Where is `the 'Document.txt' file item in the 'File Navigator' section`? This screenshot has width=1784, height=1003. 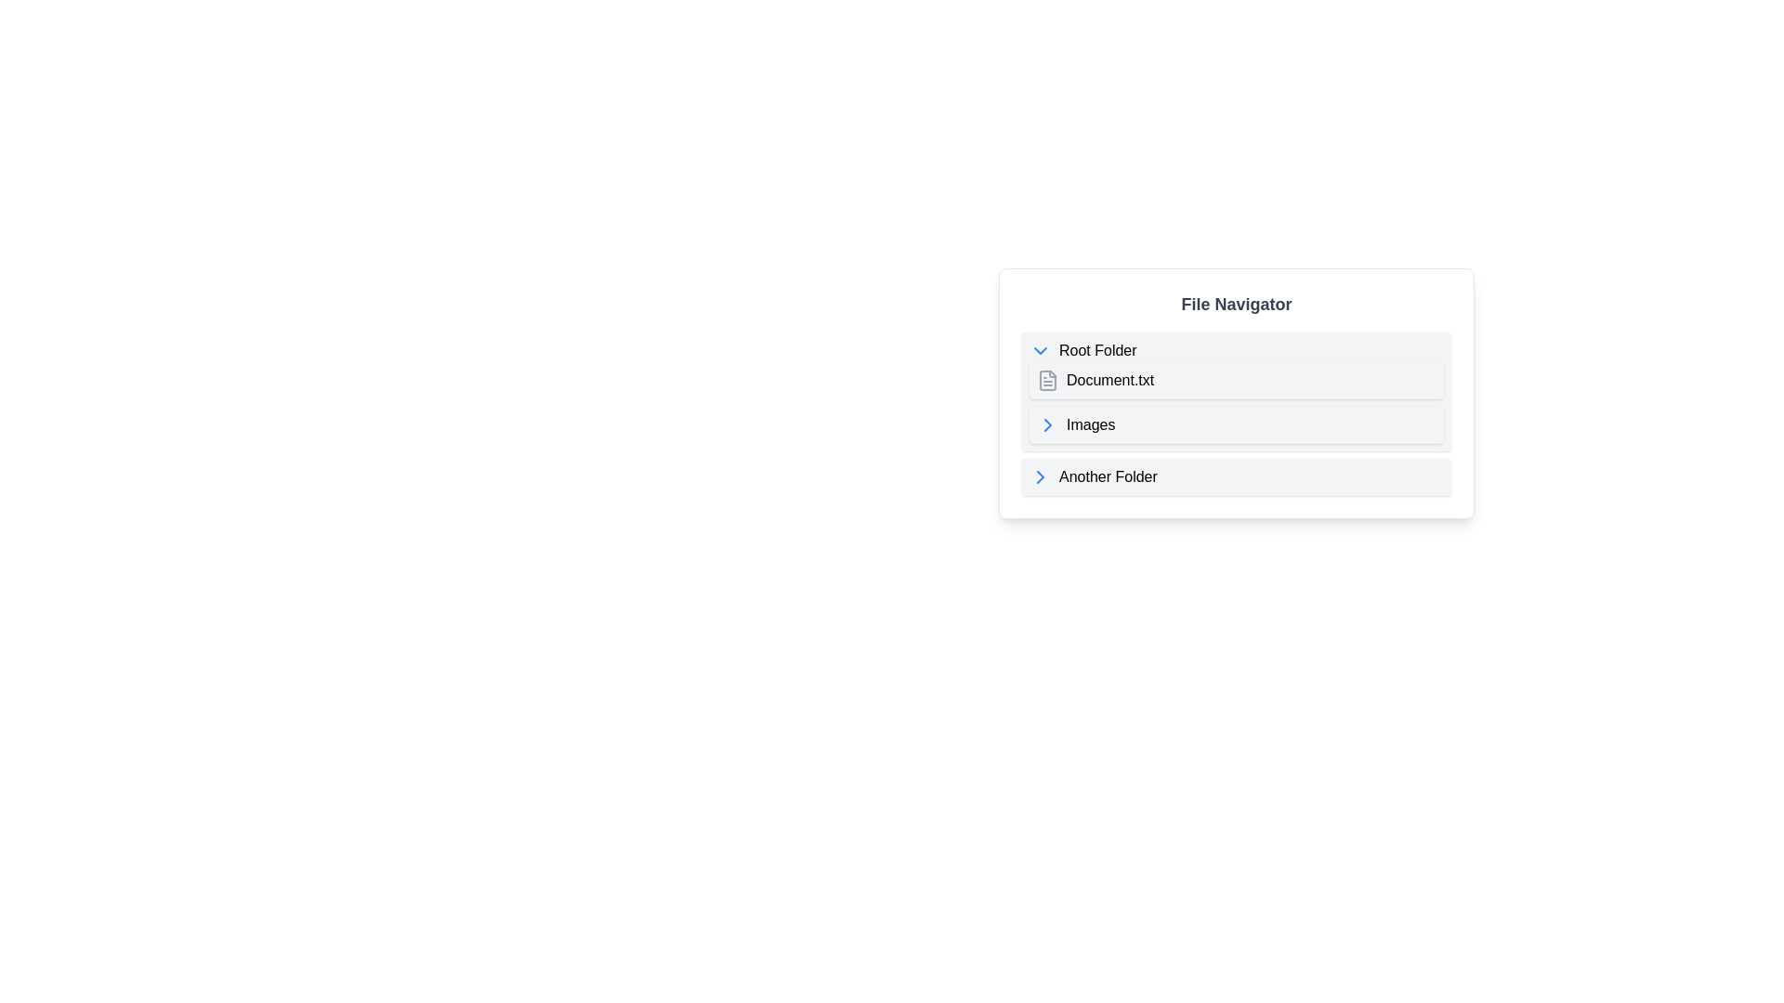
the 'Document.txt' file item in the 'File Navigator' section is located at coordinates (1236, 393).